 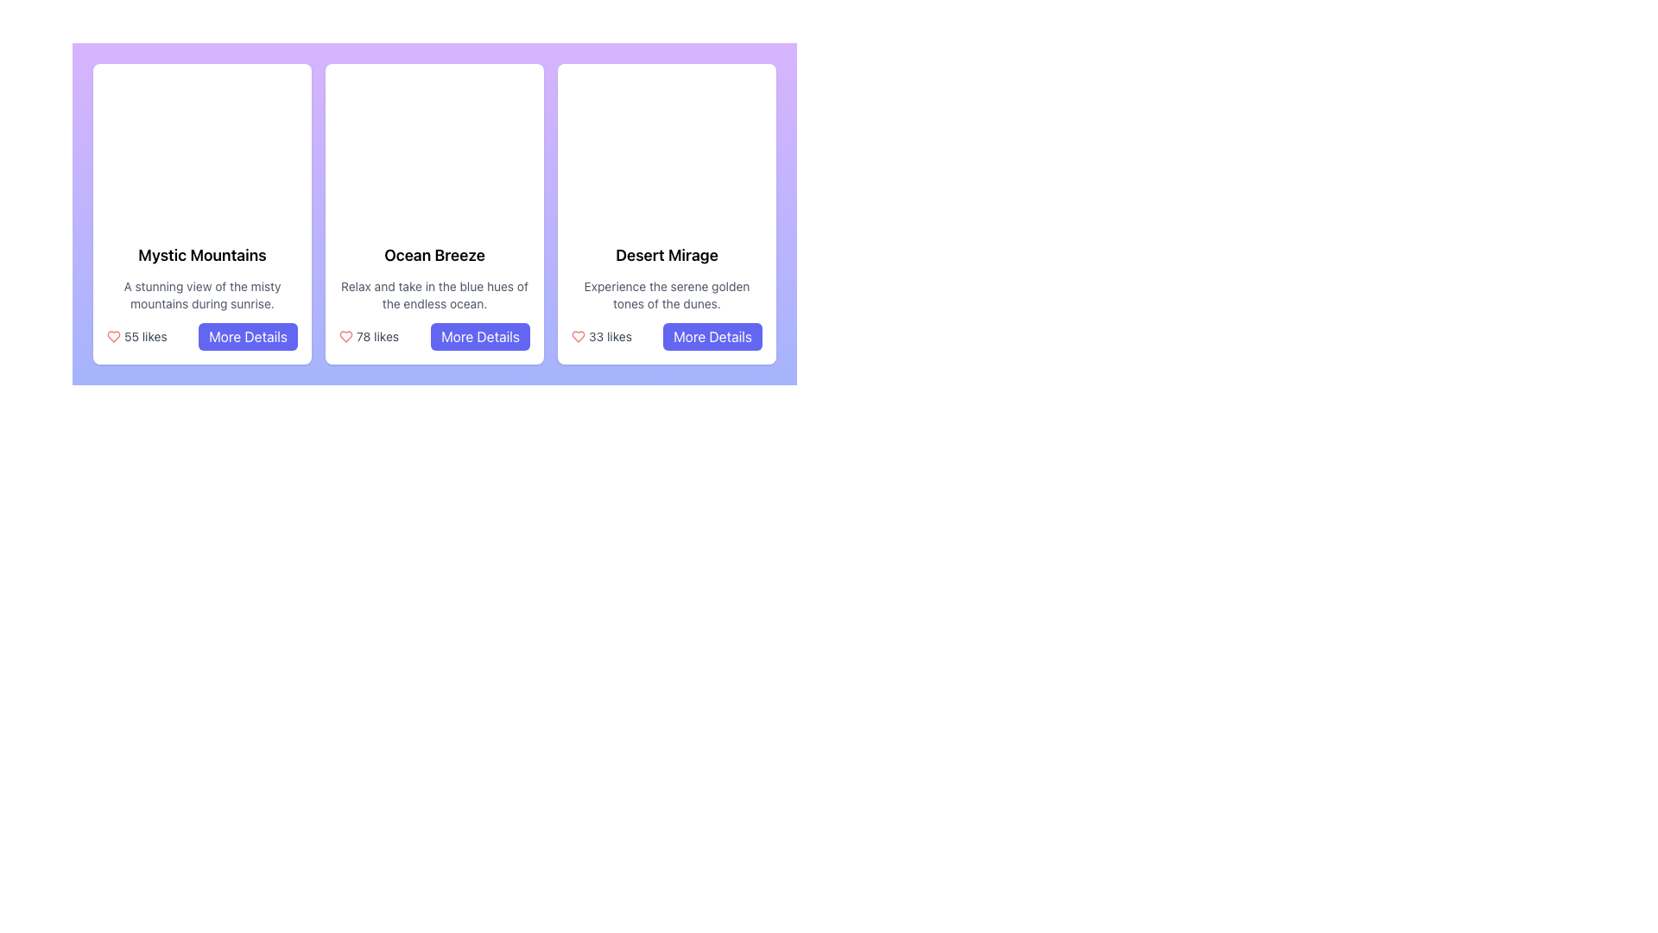 I want to click on the 'More Details' button with a blue background and white text located under the '78 likes' text in the middle card titled 'Ocean Breeze', so click(x=480, y=336).